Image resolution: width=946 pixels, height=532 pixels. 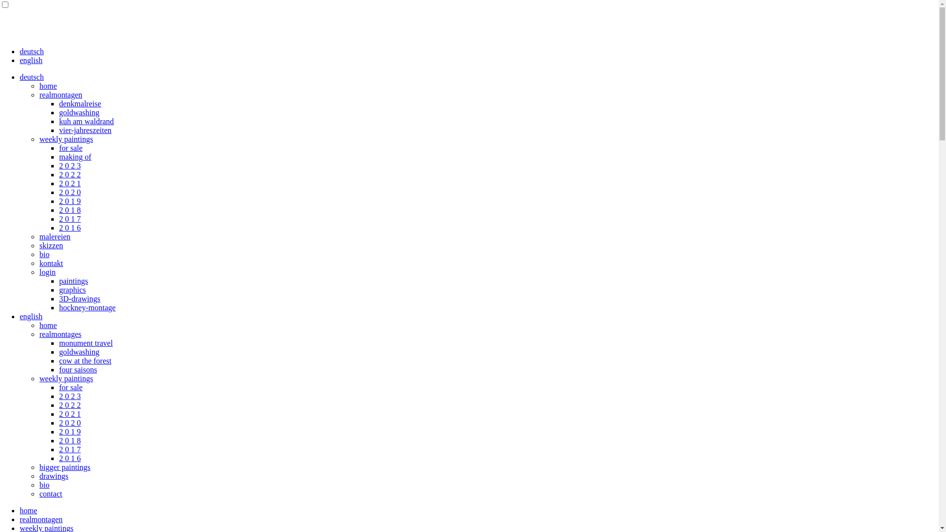 What do you see at coordinates (47, 272) in the screenshot?
I see `'login'` at bounding box center [47, 272].